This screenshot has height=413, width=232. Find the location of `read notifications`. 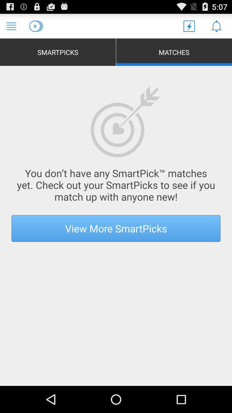

read notifications is located at coordinates (216, 25).